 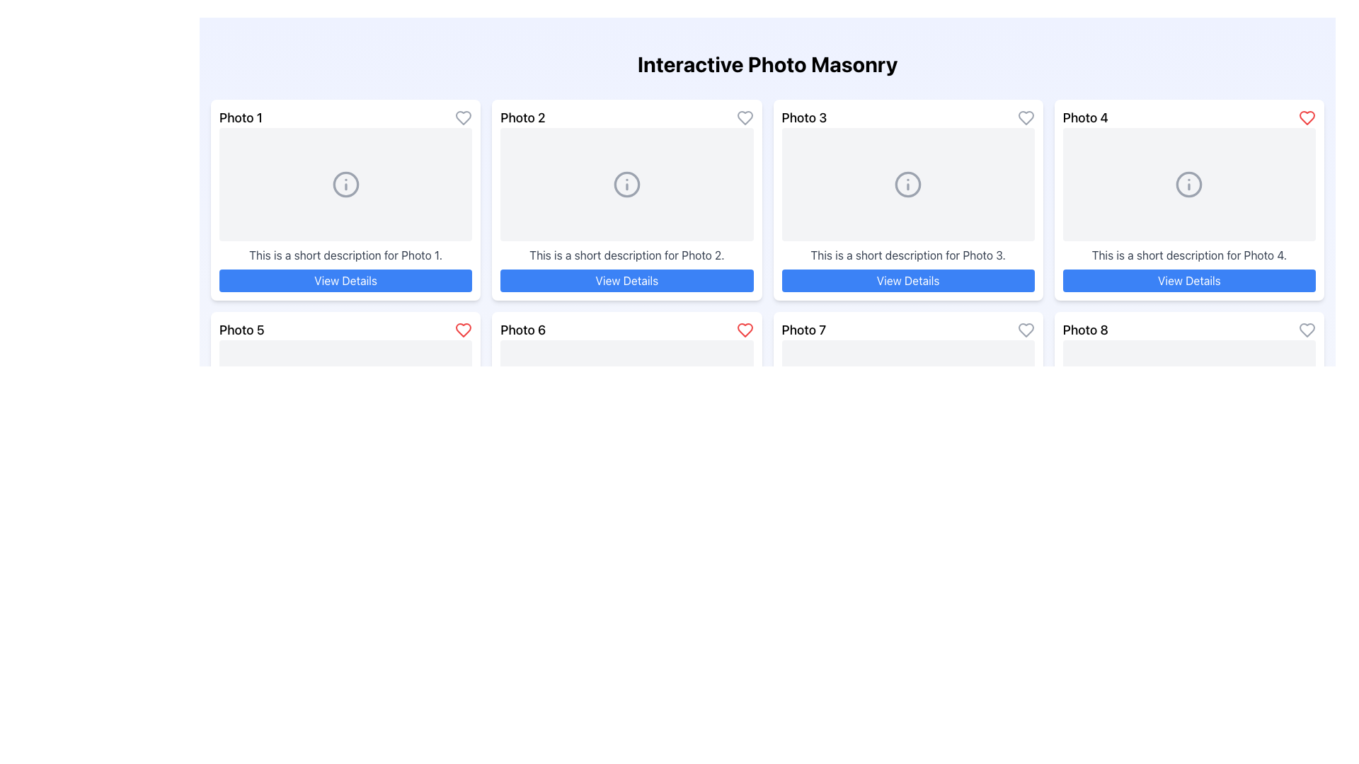 What do you see at coordinates (1307, 117) in the screenshot?
I see `the small, red, heart-shaped icon in the top-right corner of the 'Photo 4' card` at bounding box center [1307, 117].